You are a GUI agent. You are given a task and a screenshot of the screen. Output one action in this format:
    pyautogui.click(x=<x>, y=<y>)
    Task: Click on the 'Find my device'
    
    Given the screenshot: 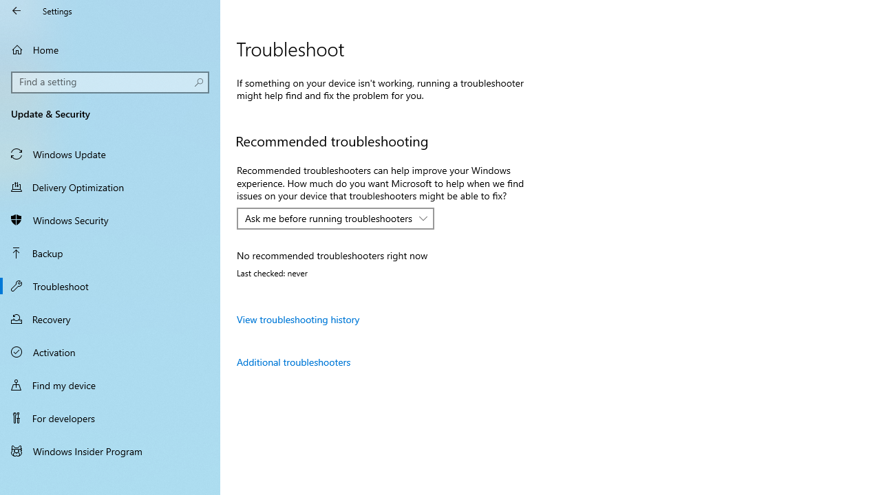 What is the action you would take?
    pyautogui.click(x=110, y=384)
    